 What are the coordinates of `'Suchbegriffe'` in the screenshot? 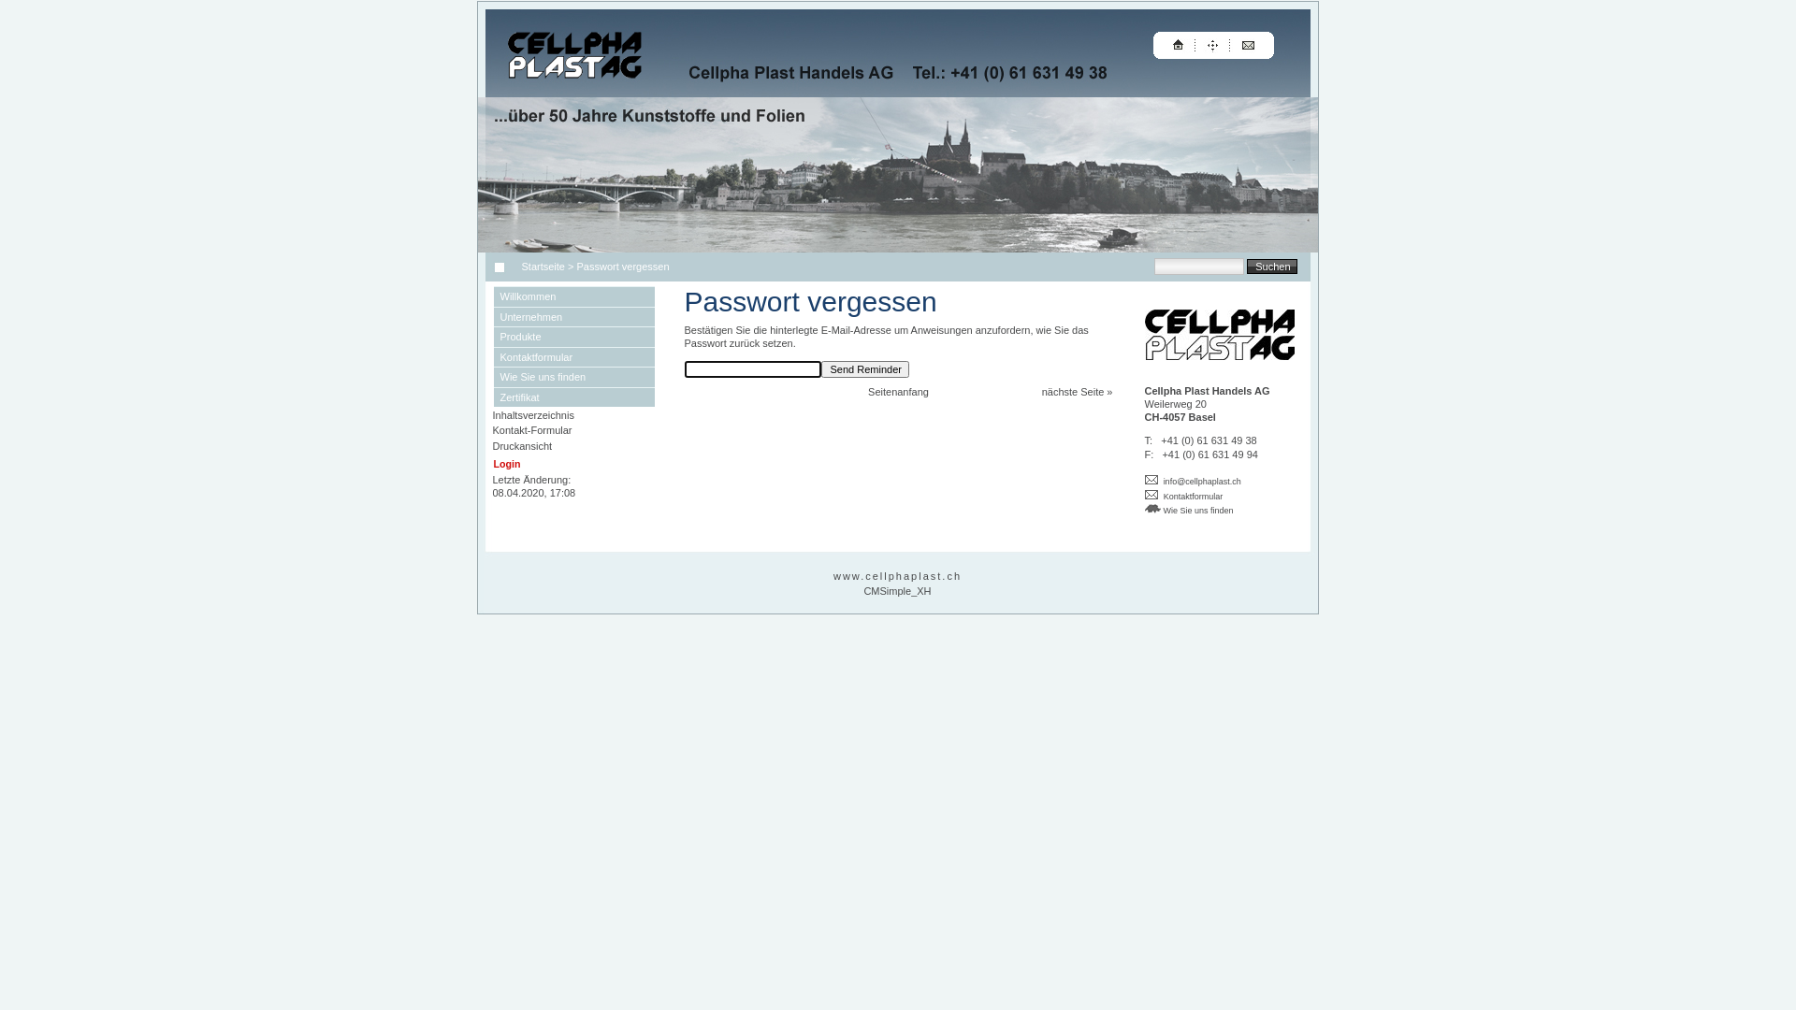 It's located at (1198, 267).